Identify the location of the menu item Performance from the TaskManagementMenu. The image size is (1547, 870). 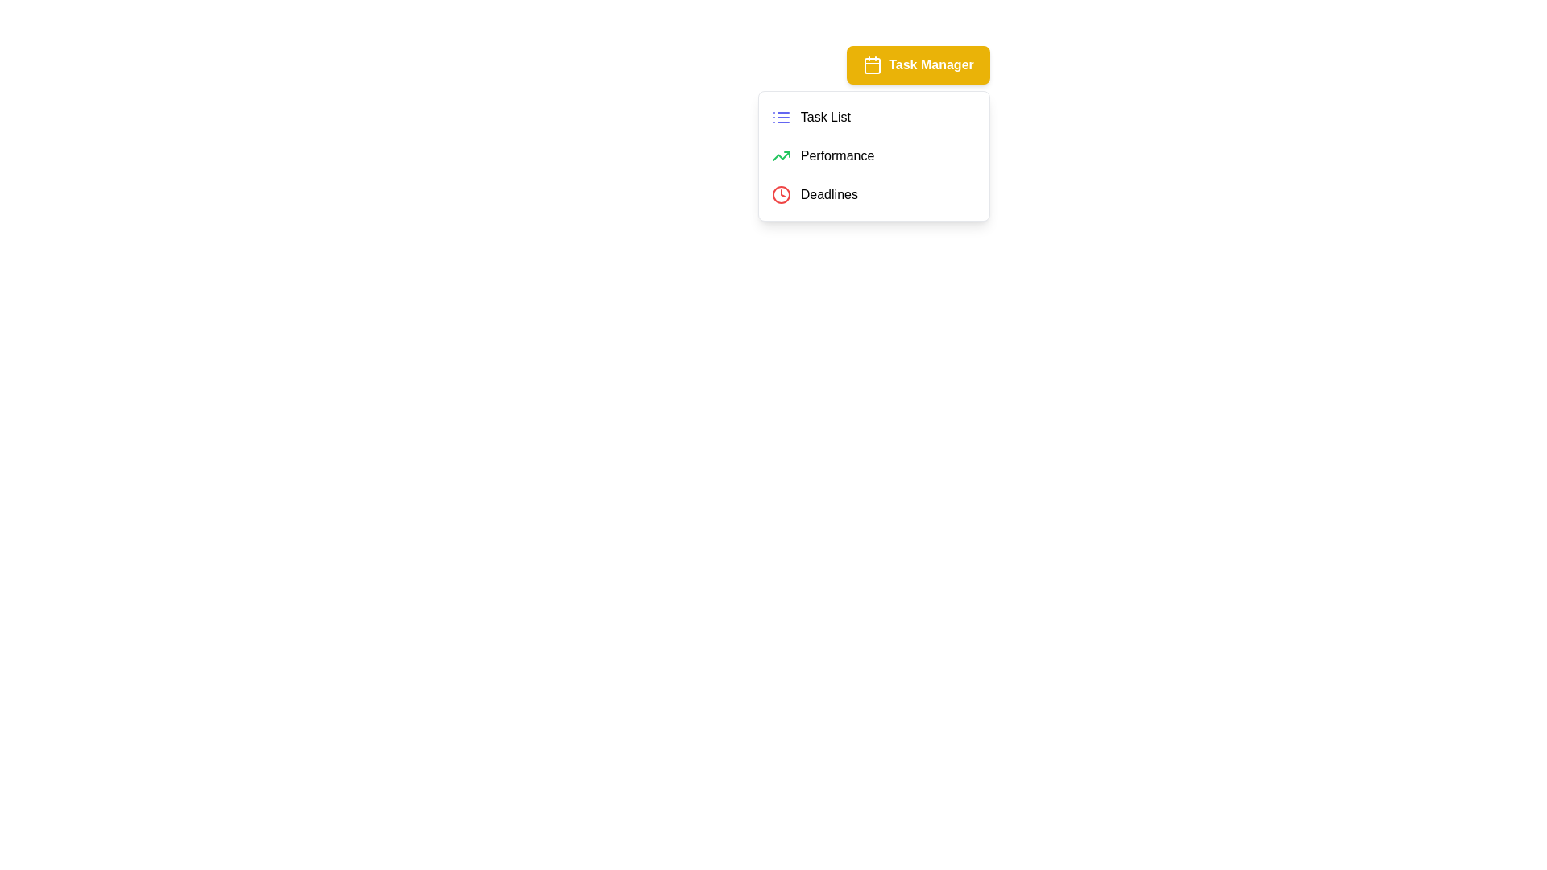
(873, 155).